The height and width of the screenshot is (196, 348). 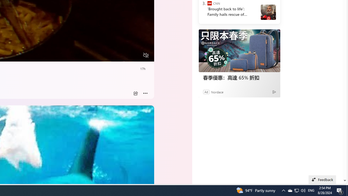 I want to click on 'CNN', so click(x=209, y=3).